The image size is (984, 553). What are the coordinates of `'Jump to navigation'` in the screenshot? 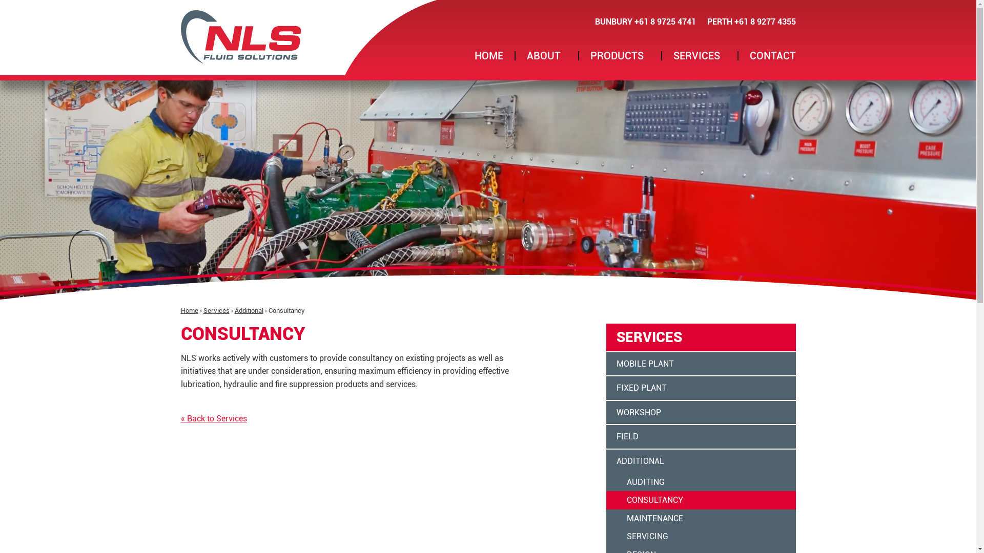 It's located at (487, 2).